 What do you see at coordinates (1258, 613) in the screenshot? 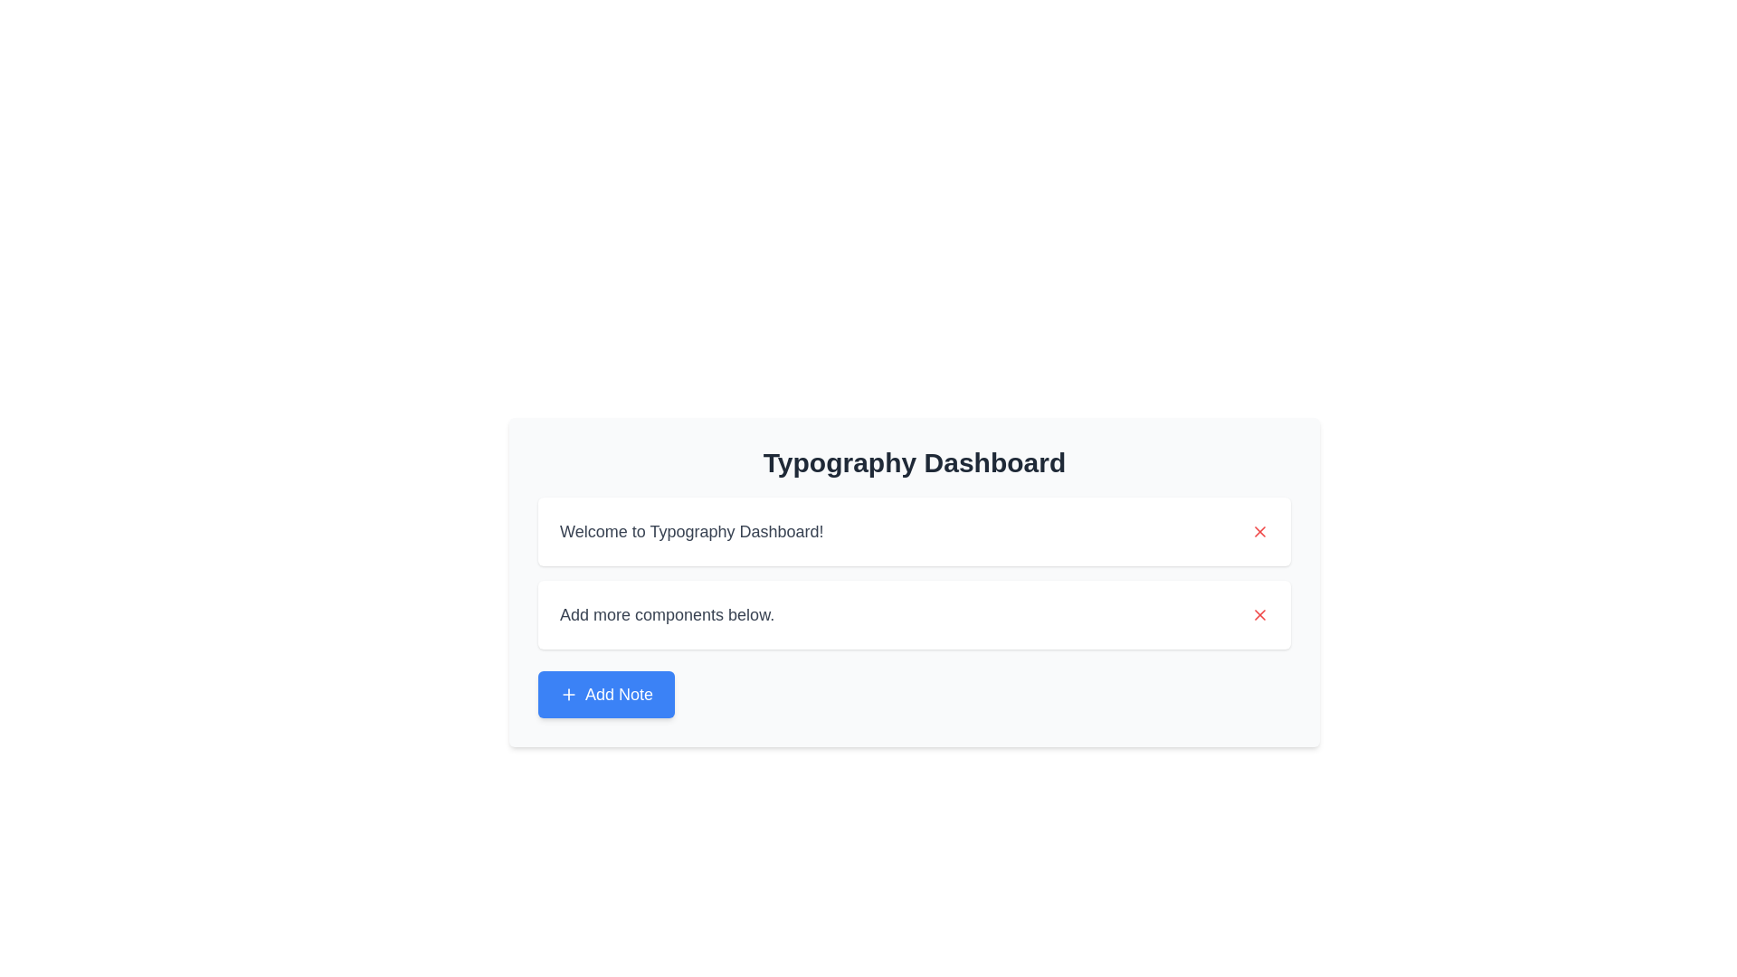
I see `the red 'X' icon button located at the top-right corner of the card displaying the text 'Add more components below'` at bounding box center [1258, 613].